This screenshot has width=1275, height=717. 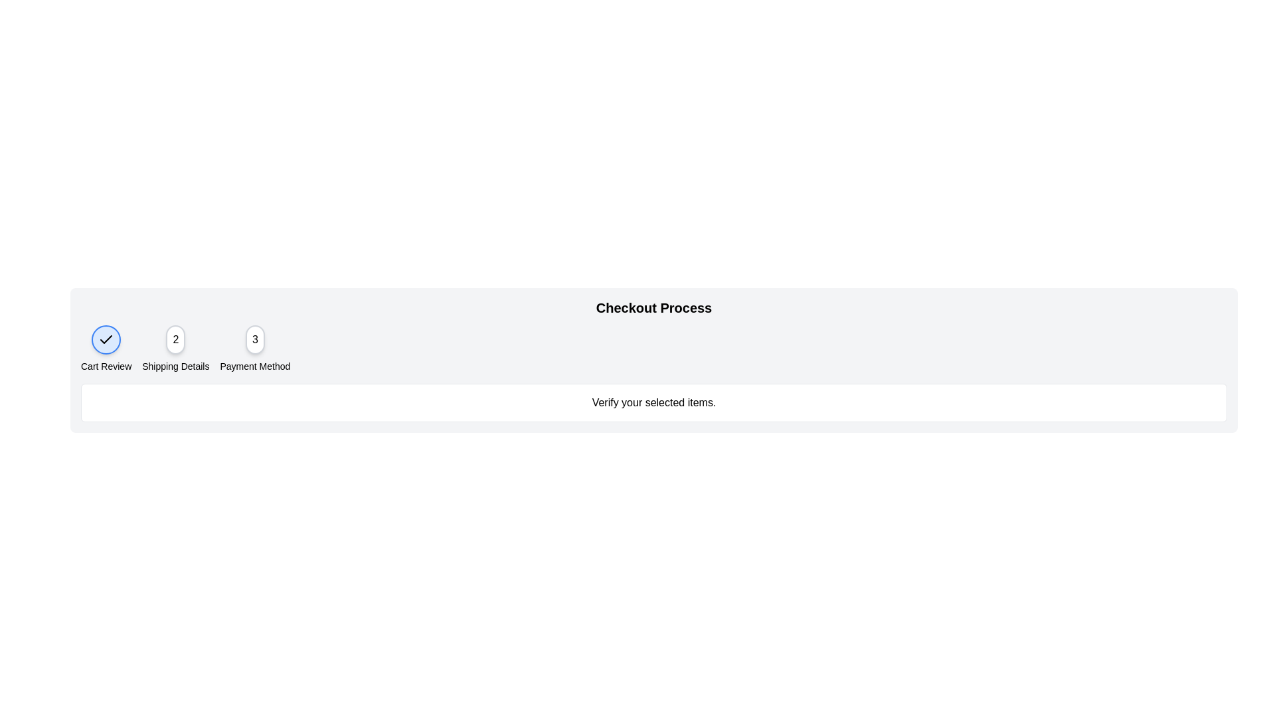 I want to click on the small checkmark icon with a blue border and light blue background, which represents the 'Cart Review' step in the interface, so click(x=106, y=339).